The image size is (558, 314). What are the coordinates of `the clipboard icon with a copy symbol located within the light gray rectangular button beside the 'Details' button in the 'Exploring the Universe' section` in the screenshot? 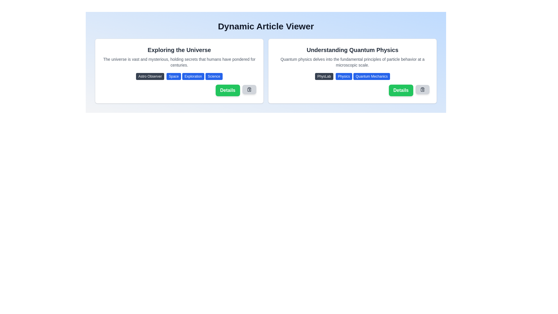 It's located at (249, 90).